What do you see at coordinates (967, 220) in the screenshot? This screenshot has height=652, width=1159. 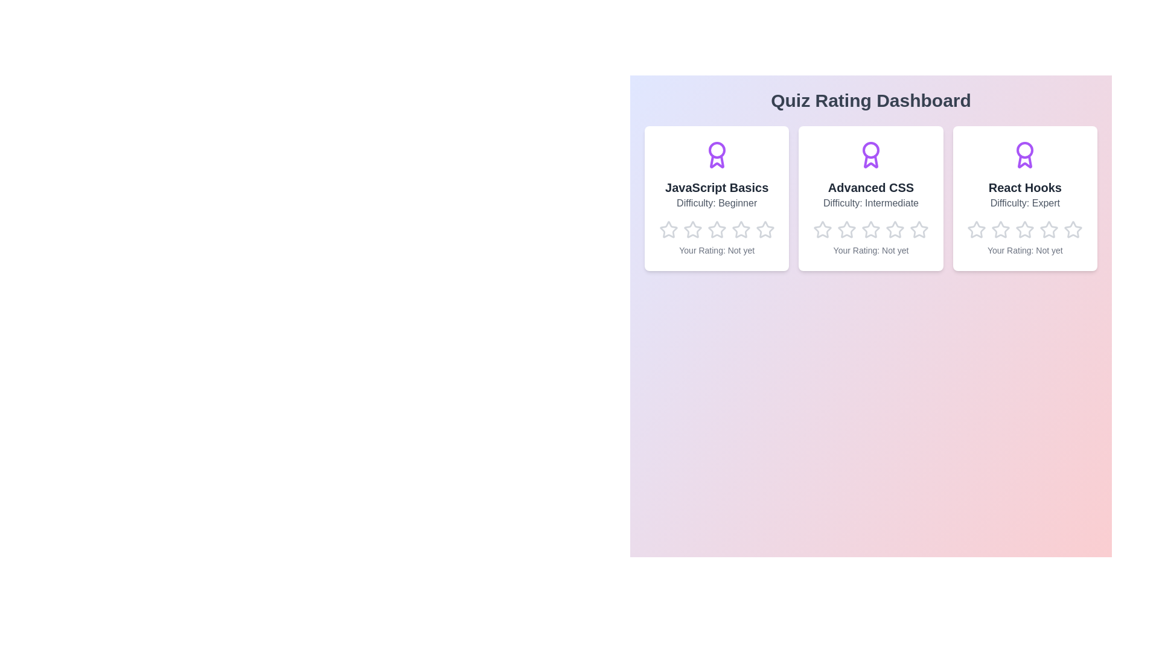 I see `the star corresponding to the rating 1 for the quiz React Hooks` at bounding box center [967, 220].